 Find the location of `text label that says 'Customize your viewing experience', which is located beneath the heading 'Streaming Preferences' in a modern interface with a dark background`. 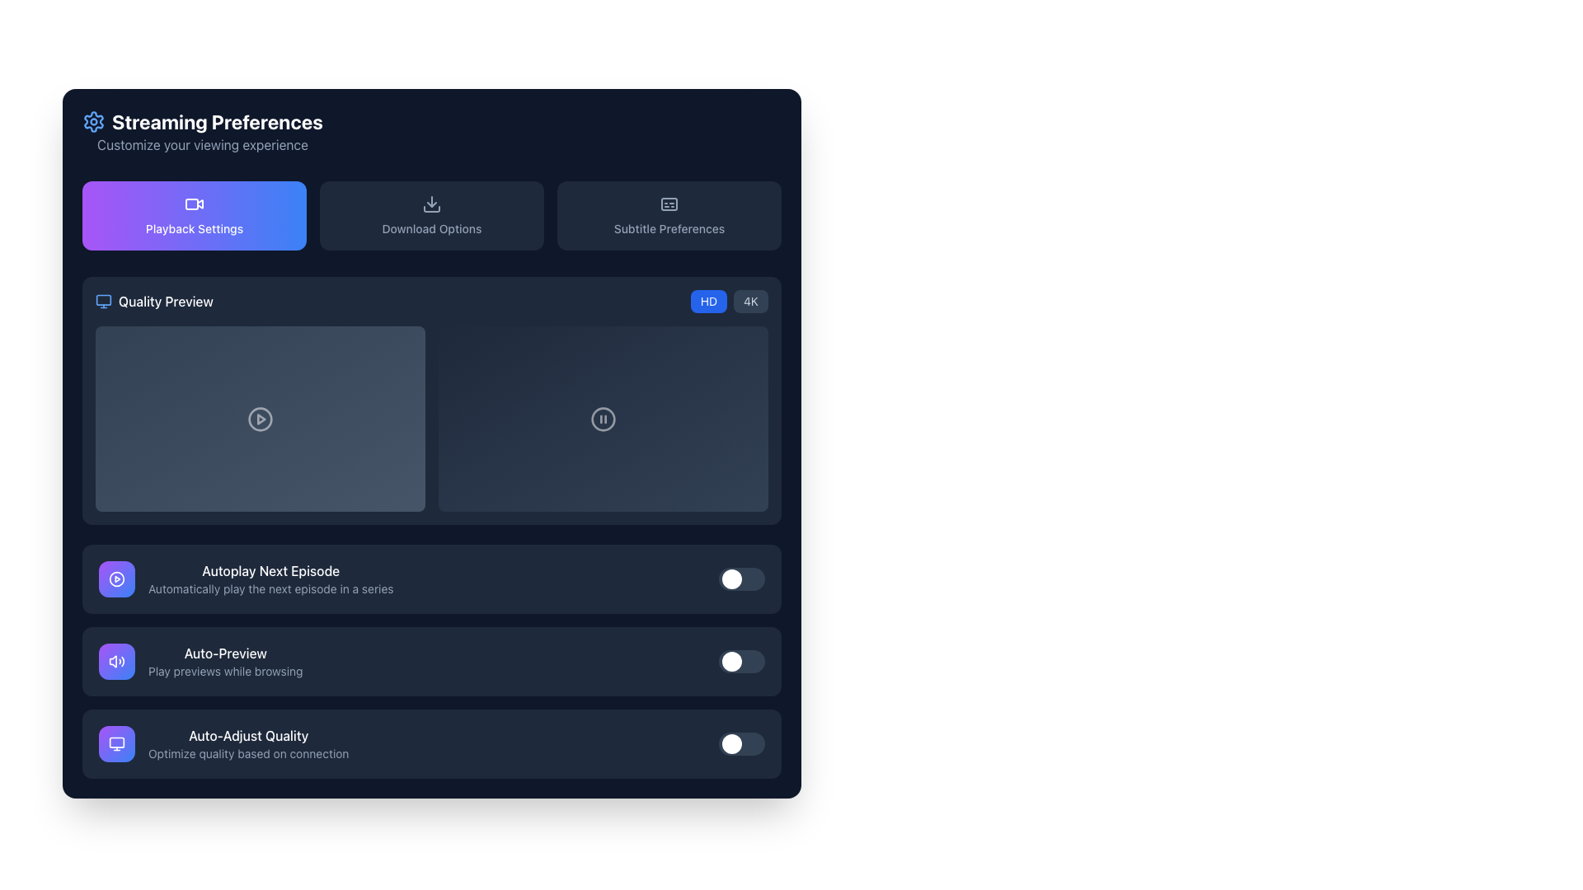

text label that says 'Customize your viewing experience', which is located beneath the heading 'Streaming Preferences' in a modern interface with a dark background is located at coordinates (201, 144).